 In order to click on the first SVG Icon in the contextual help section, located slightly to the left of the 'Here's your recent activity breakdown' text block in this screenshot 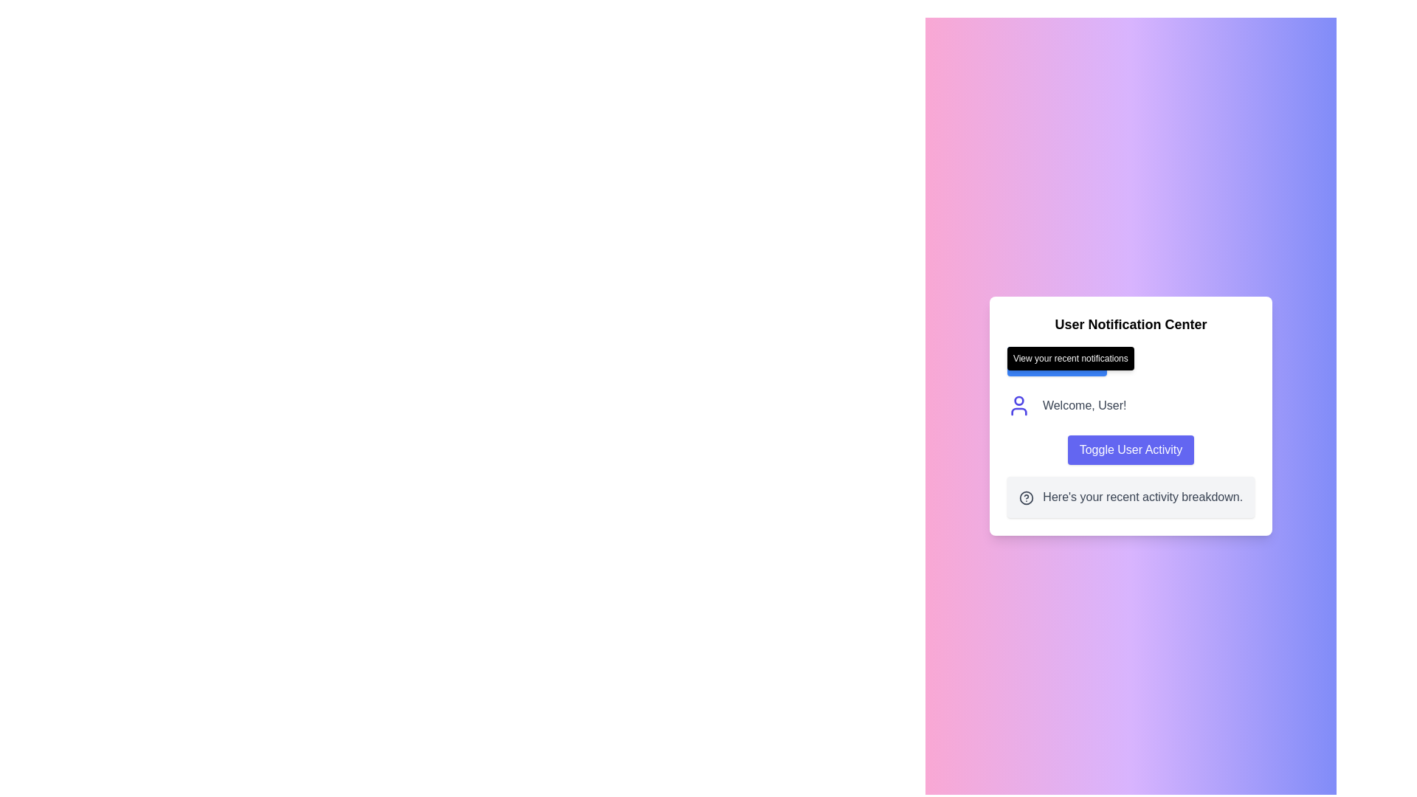, I will do `click(1025, 497)`.